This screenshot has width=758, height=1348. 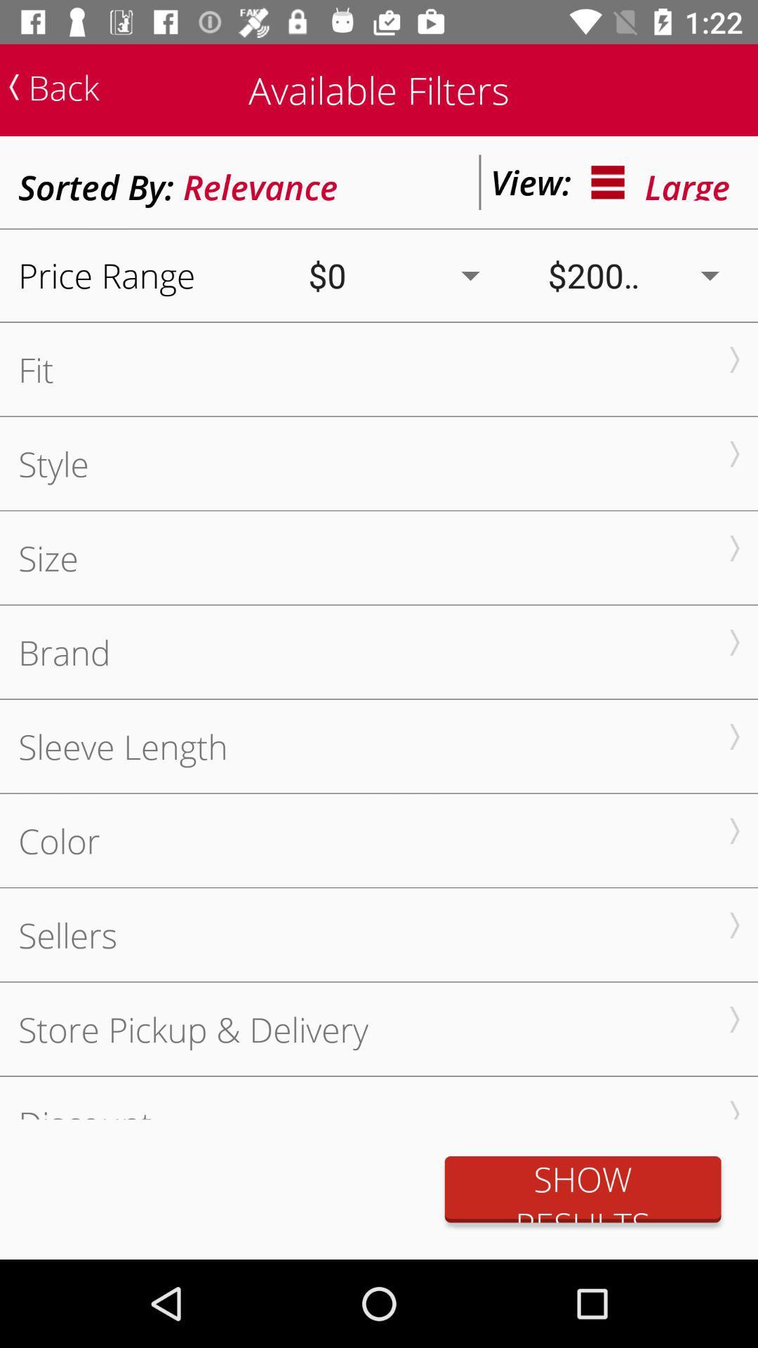 What do you see at coordinates (733, 925) in the screenshot?
I see `the button on the right next to the sellers button on the web page` at bounding box center [733, 925].